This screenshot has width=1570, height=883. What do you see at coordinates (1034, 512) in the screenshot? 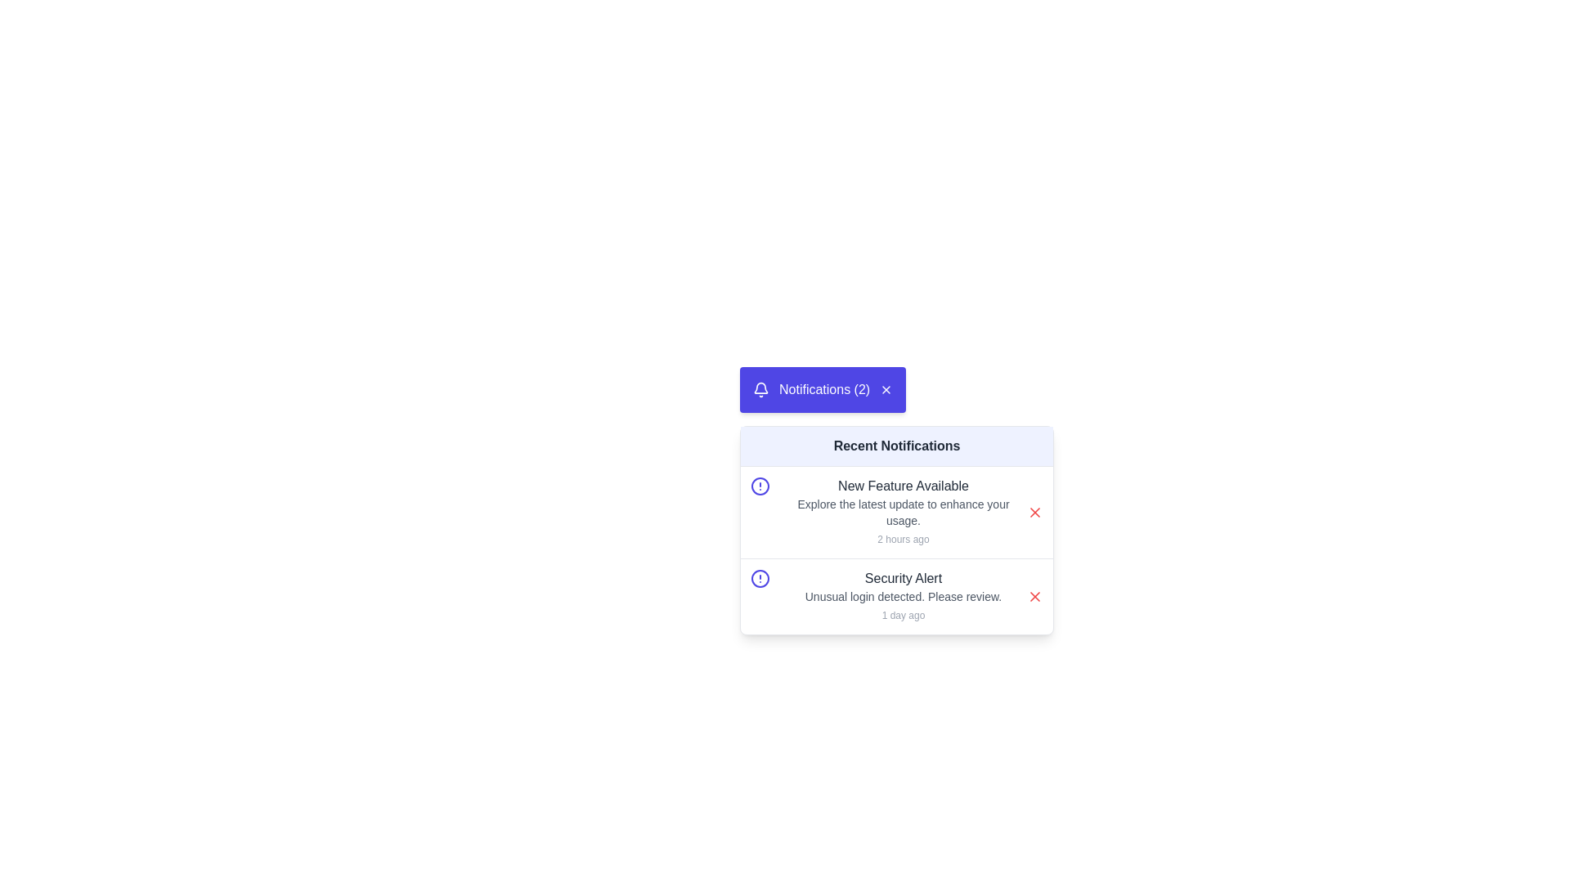
I see `the close button located at the far-right side of the notification card titled 'New Feature Available'` at bounding box center [1034, 512].